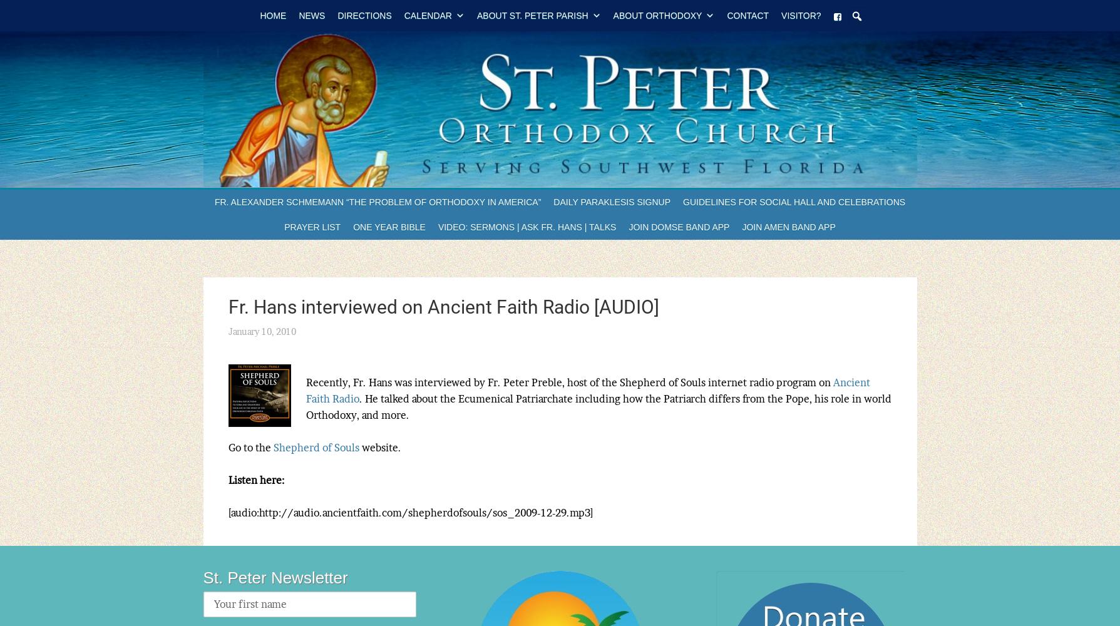  What do you see at coordinates (311, 227) in the screenshot?
I see `'Prayer List'` at bounding box center [311, 227].